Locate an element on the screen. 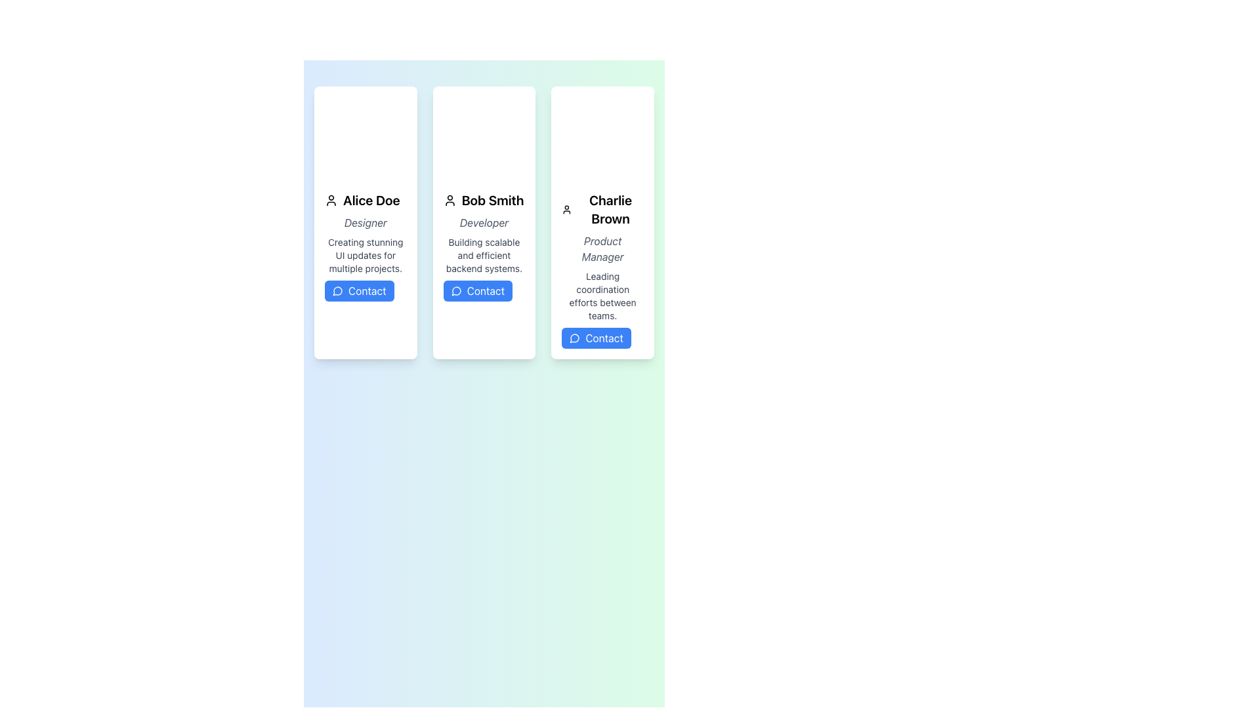 The image size is (1260, 708). the 'Contact' button located at the bottom of the card titled 'Alice Doe', which initiates a contact action is located at coordinates (359, 290).